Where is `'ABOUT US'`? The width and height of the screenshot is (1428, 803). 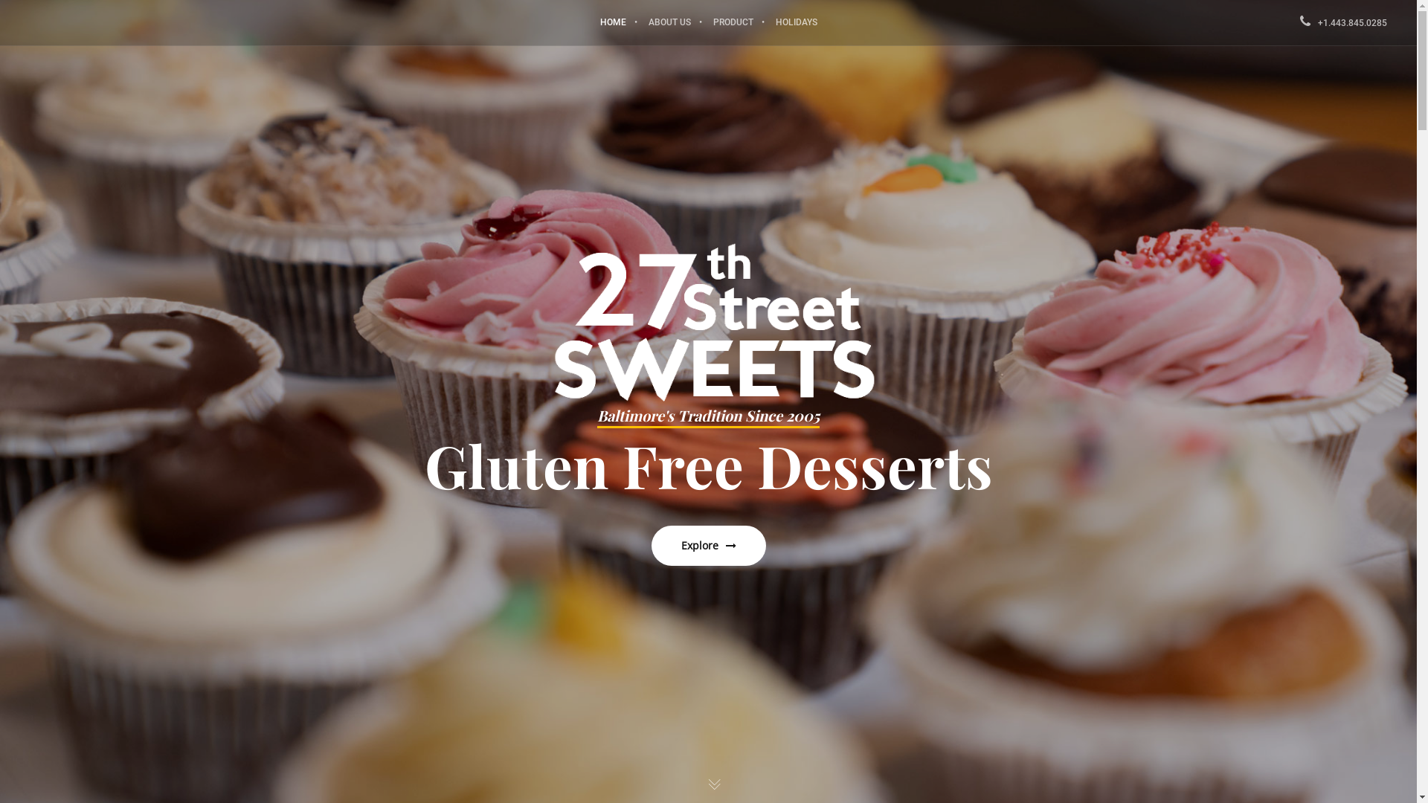
'ABOUT US' is located at coordinates (636, 22).